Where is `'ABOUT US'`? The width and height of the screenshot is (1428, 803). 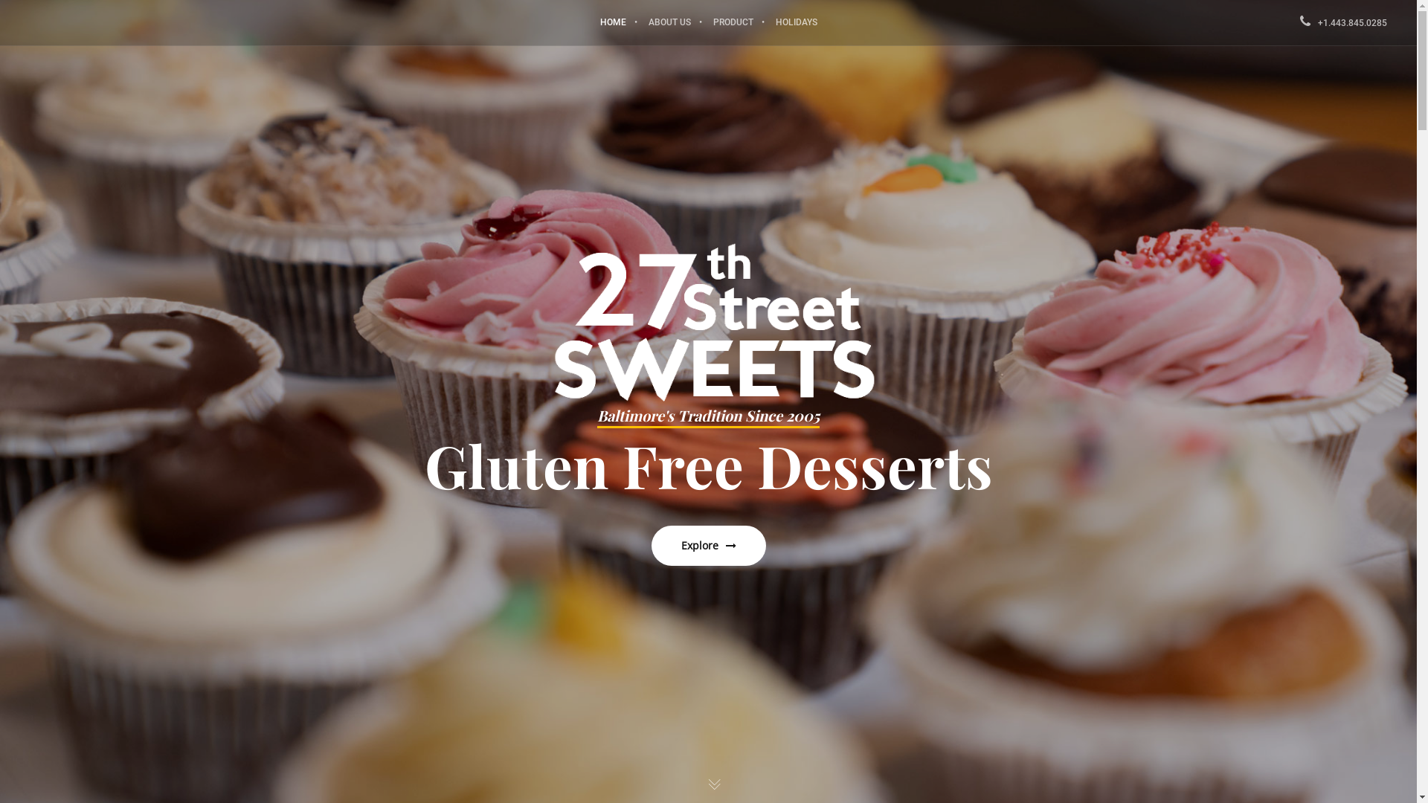
'ABOUT US' is located at coordinates (636, 22).